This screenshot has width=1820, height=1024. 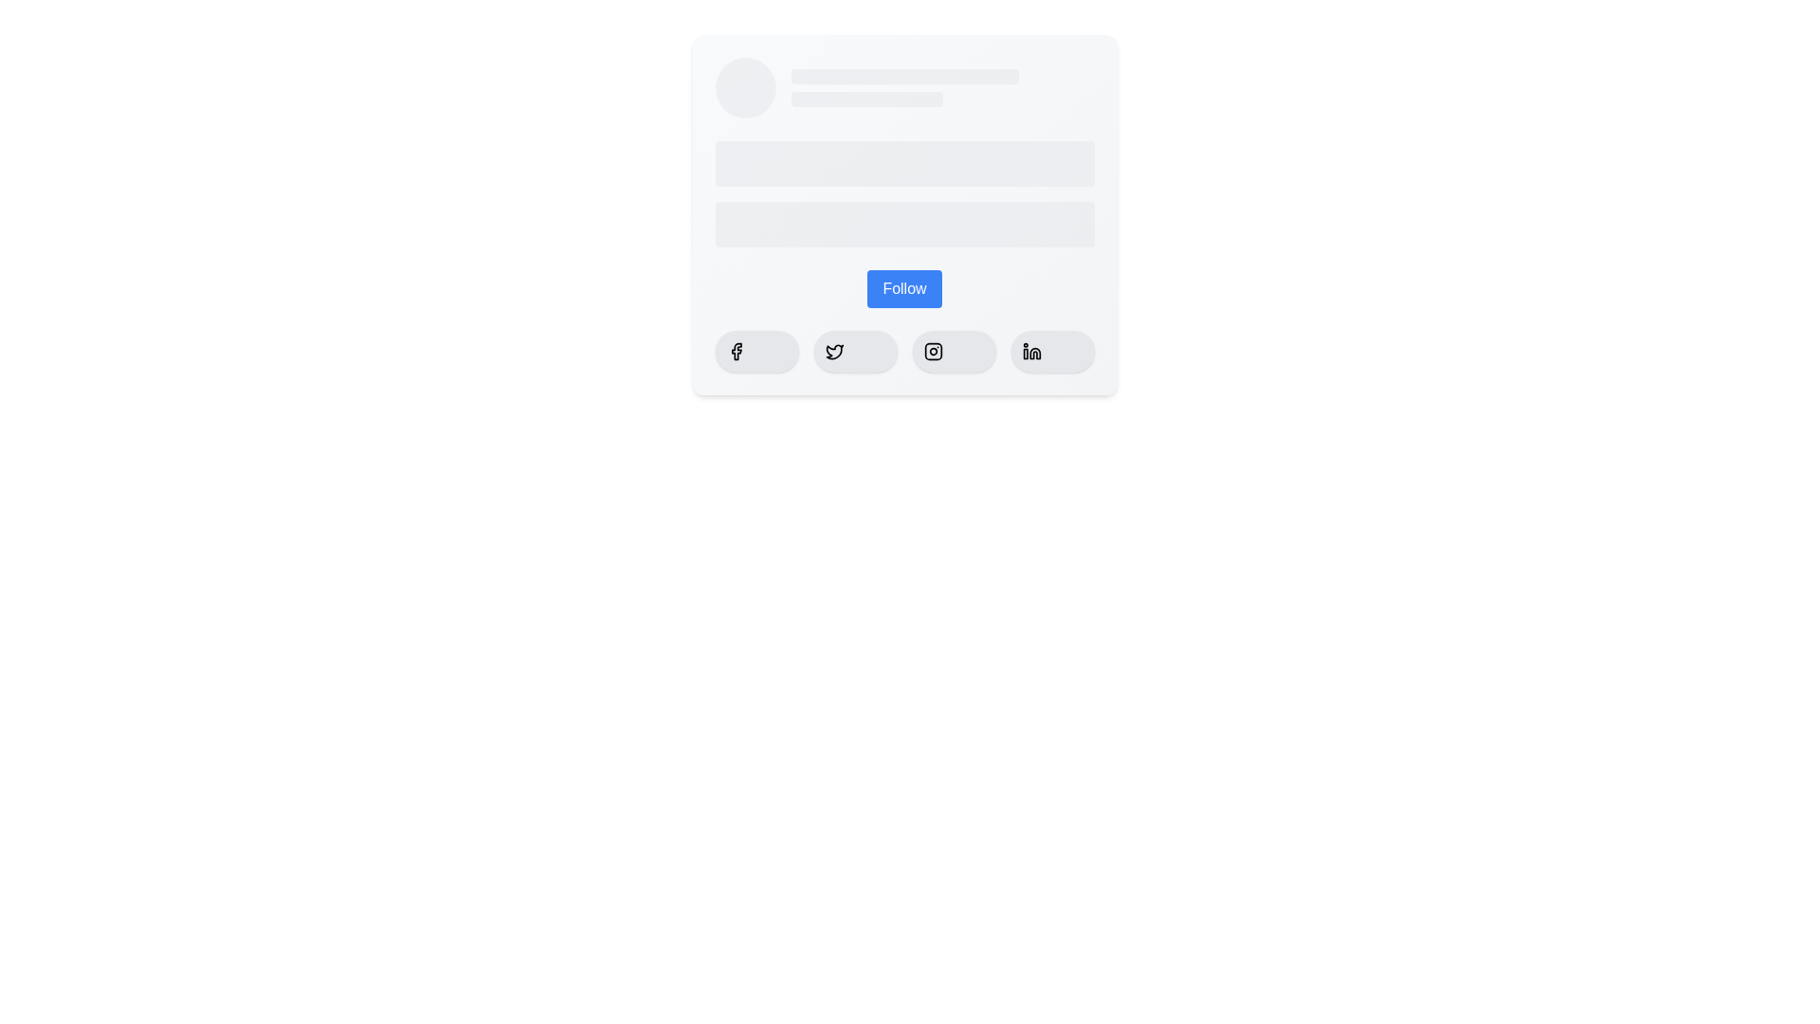 I want to click on the narrow rectangular bar that forms part of the vertical line in the LinkedIn 'in' character, located within the LinkedIn logo, which is the fourth interactive element in the social media link set beneath the 'Follow' button, so click(x=1024, y=354).